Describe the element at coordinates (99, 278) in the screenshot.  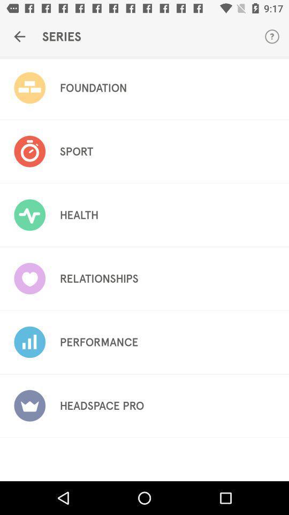
I see `relationships item` at that location.